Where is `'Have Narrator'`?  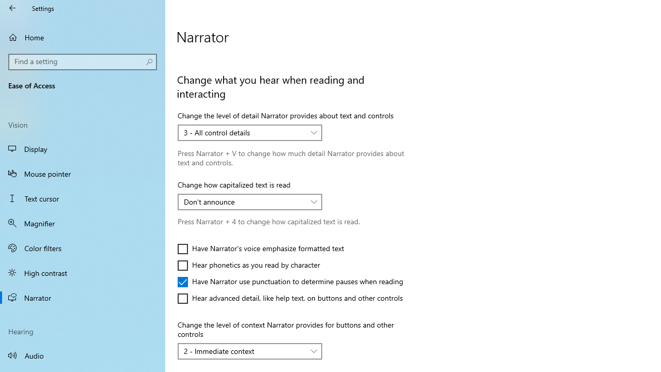 'Have Narrator' is located at coordinates (261, 249).